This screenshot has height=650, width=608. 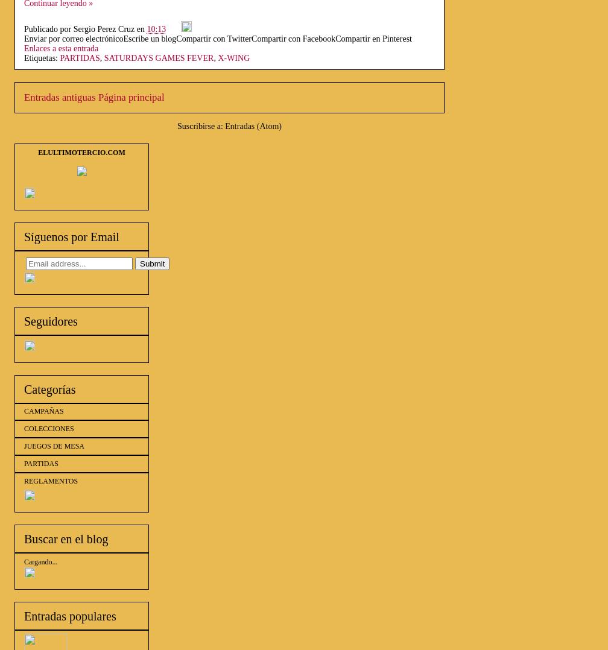 What do you see at coordinates (147, 29) in the screenshot?
I see `'10:13'` at bounding box center [147, 29].